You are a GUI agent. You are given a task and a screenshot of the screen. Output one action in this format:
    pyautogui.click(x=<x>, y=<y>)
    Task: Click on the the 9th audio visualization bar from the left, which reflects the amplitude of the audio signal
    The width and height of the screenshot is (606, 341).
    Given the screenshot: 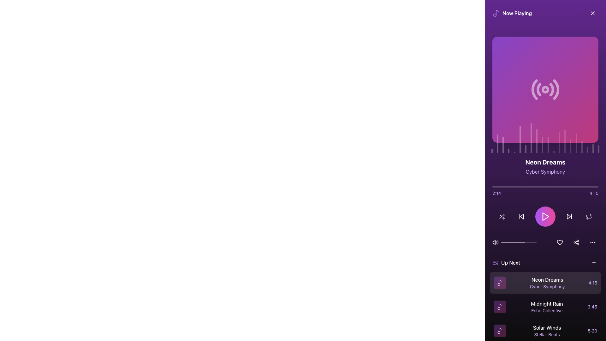 What is the action you would take?
    pyautogui.click(x=537, y=141)
    